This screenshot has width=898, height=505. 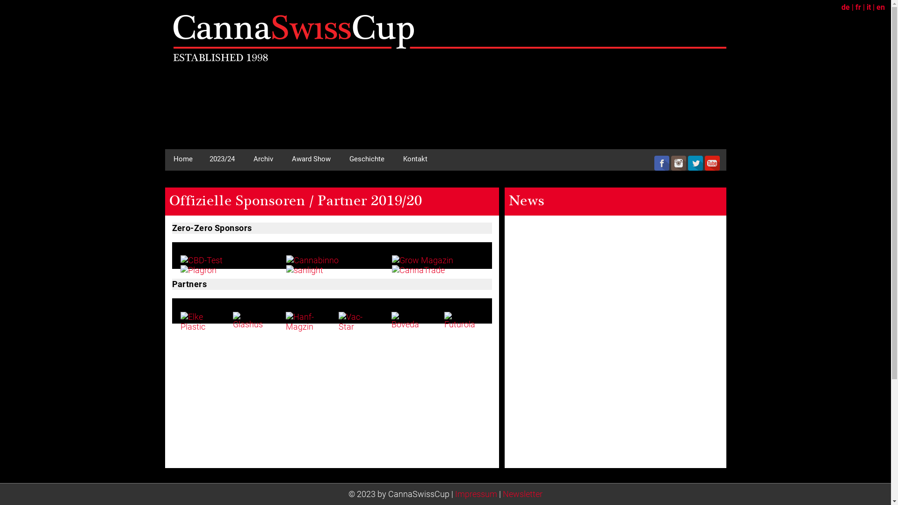 What do you see at coordinates (455, 493) in the screenshot?
I see `'Impressum'` at bounding box center [455, 493].